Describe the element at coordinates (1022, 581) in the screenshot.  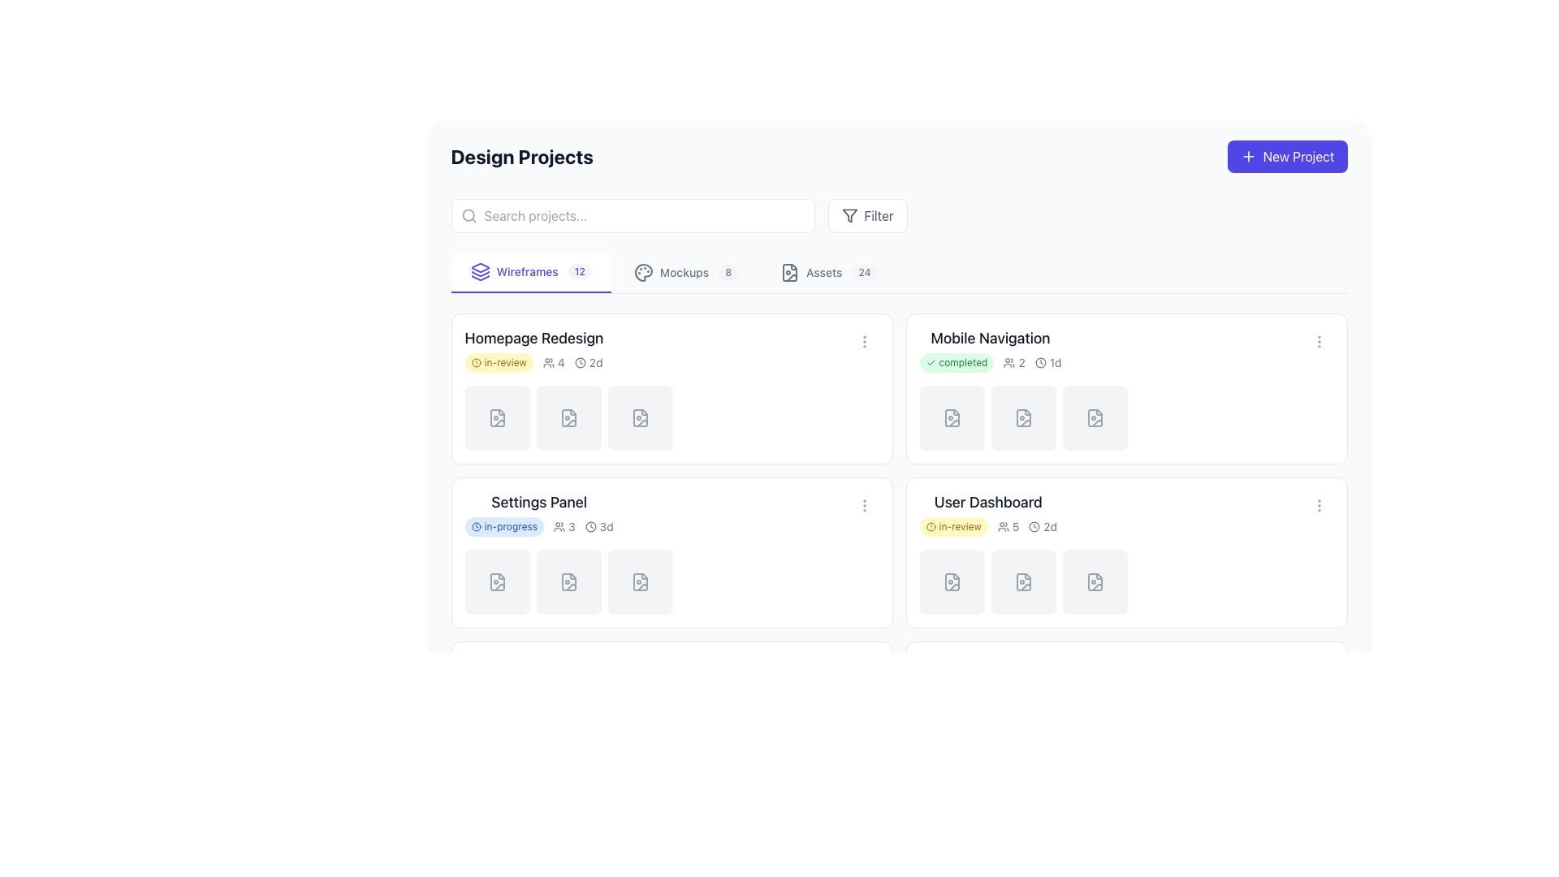
I see `the second icon from the left in the bottom row of icons within the 'User Dashboard' section` at that location.